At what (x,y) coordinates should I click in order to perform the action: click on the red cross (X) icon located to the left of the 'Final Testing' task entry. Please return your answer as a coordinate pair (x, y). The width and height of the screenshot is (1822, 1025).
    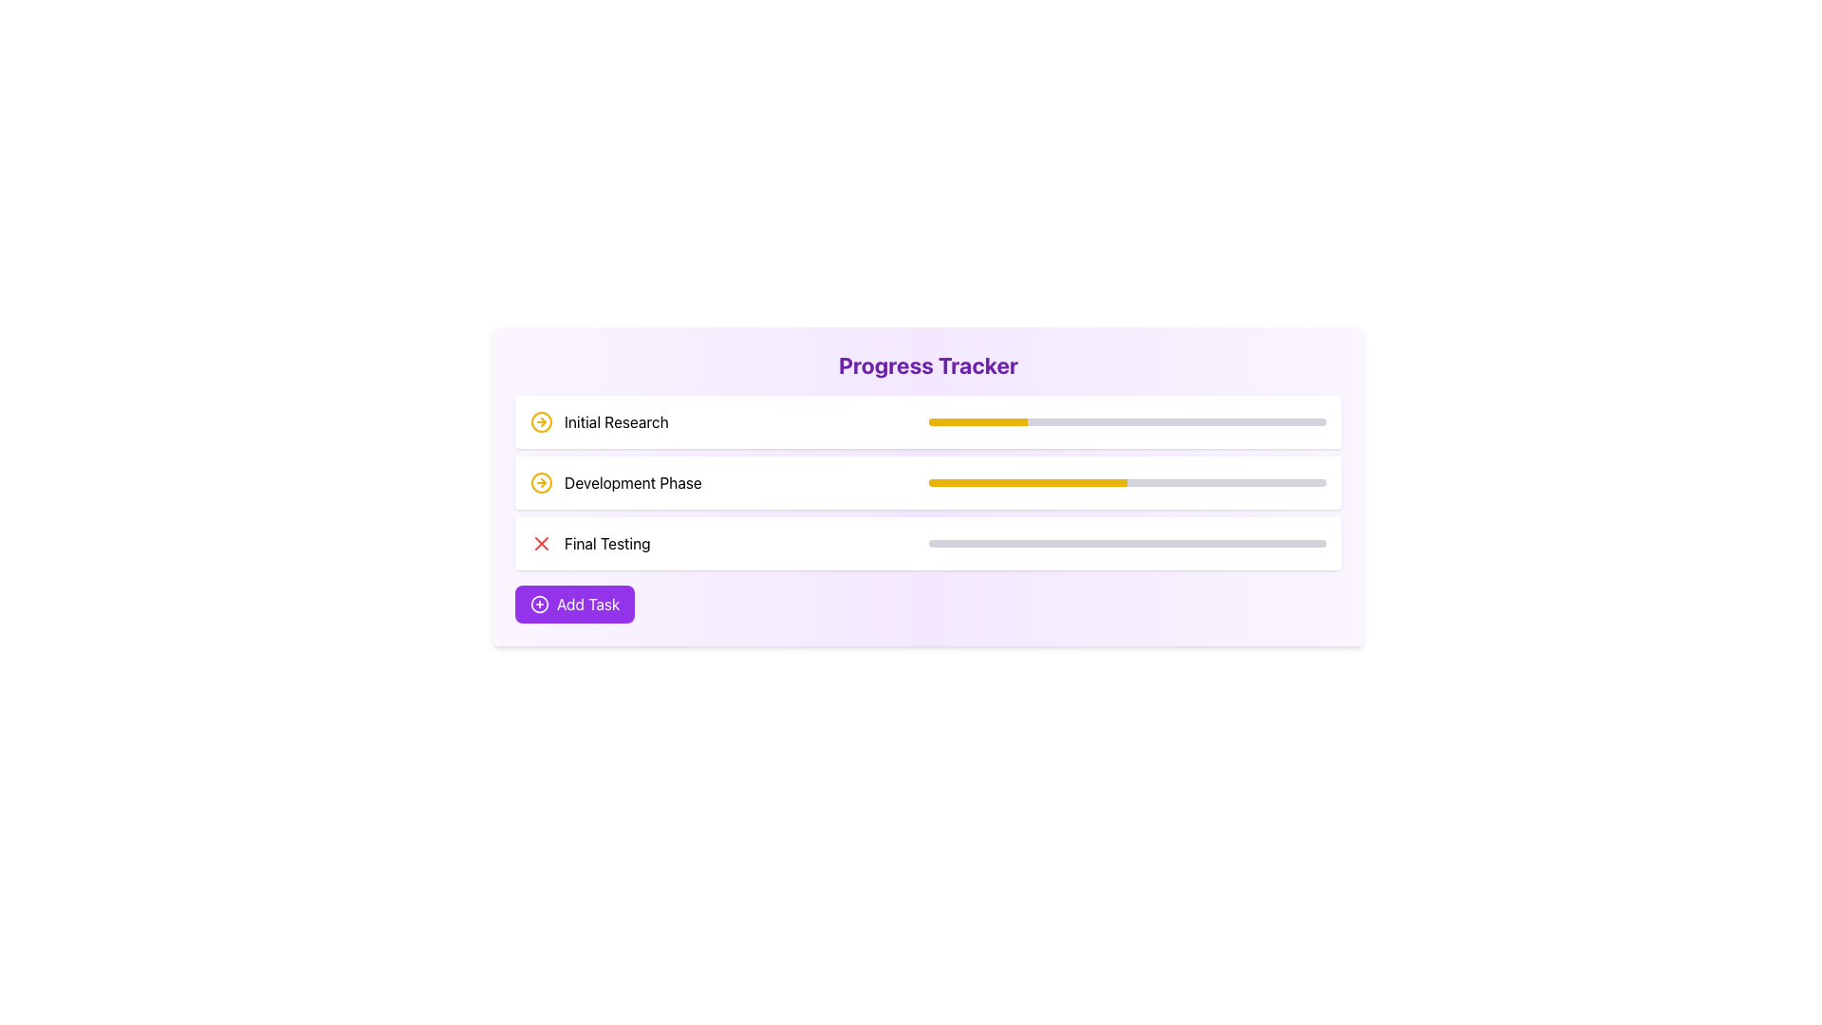
    Looking at the image, I should click on (541, 544).